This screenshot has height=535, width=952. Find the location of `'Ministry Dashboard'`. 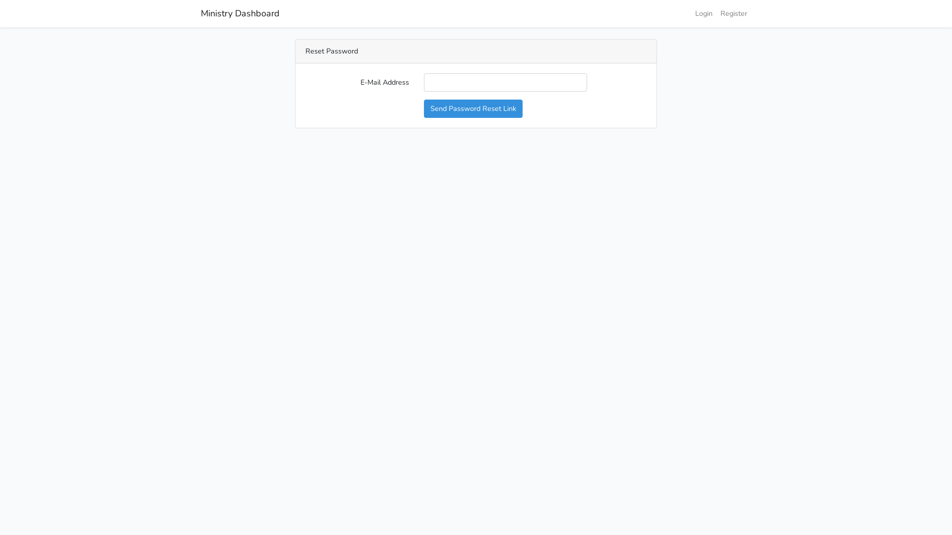

'Ministry Dashboard' is located at coordinates (240, 13).